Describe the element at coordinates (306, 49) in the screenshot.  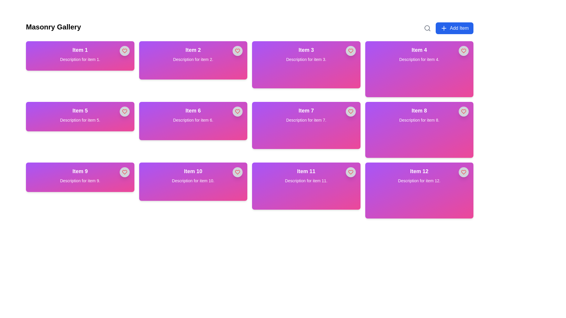
I see `the text label that displays 'Item 3' in a bold font on a purple-to-pink gradient card, located in the third card of the masonry layout` at that location.